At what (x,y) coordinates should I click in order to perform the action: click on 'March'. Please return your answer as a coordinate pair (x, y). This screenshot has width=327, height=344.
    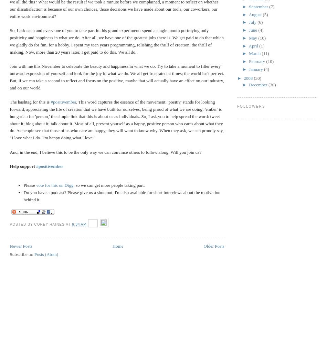
    Looking at the image, I should click on (255, 53).